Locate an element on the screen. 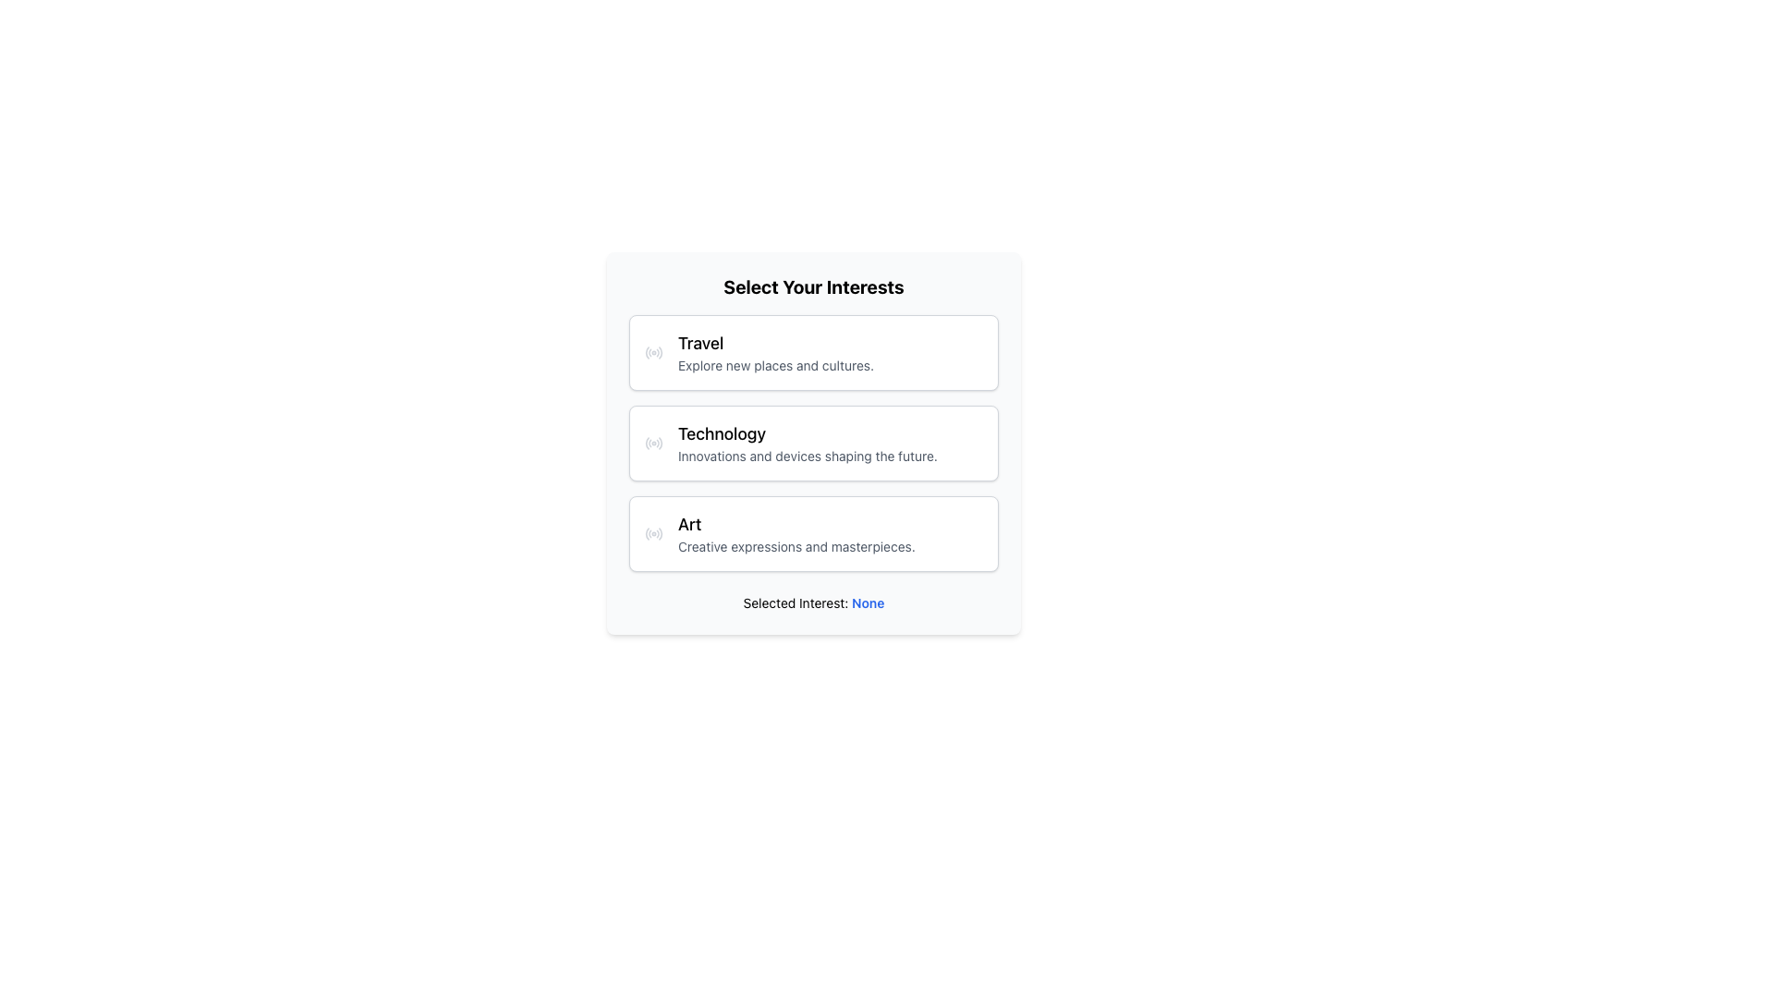  the text label titled 'Travel', which includes the subtitle 'Explore new places and cultures.' located in the first card of interest options is located at coordinates (776, 352).